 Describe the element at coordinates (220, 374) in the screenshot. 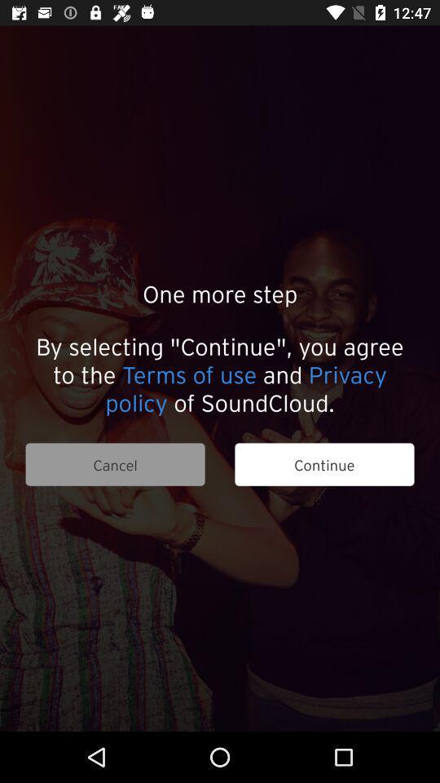

I see `the item above the cancel item` at that location.